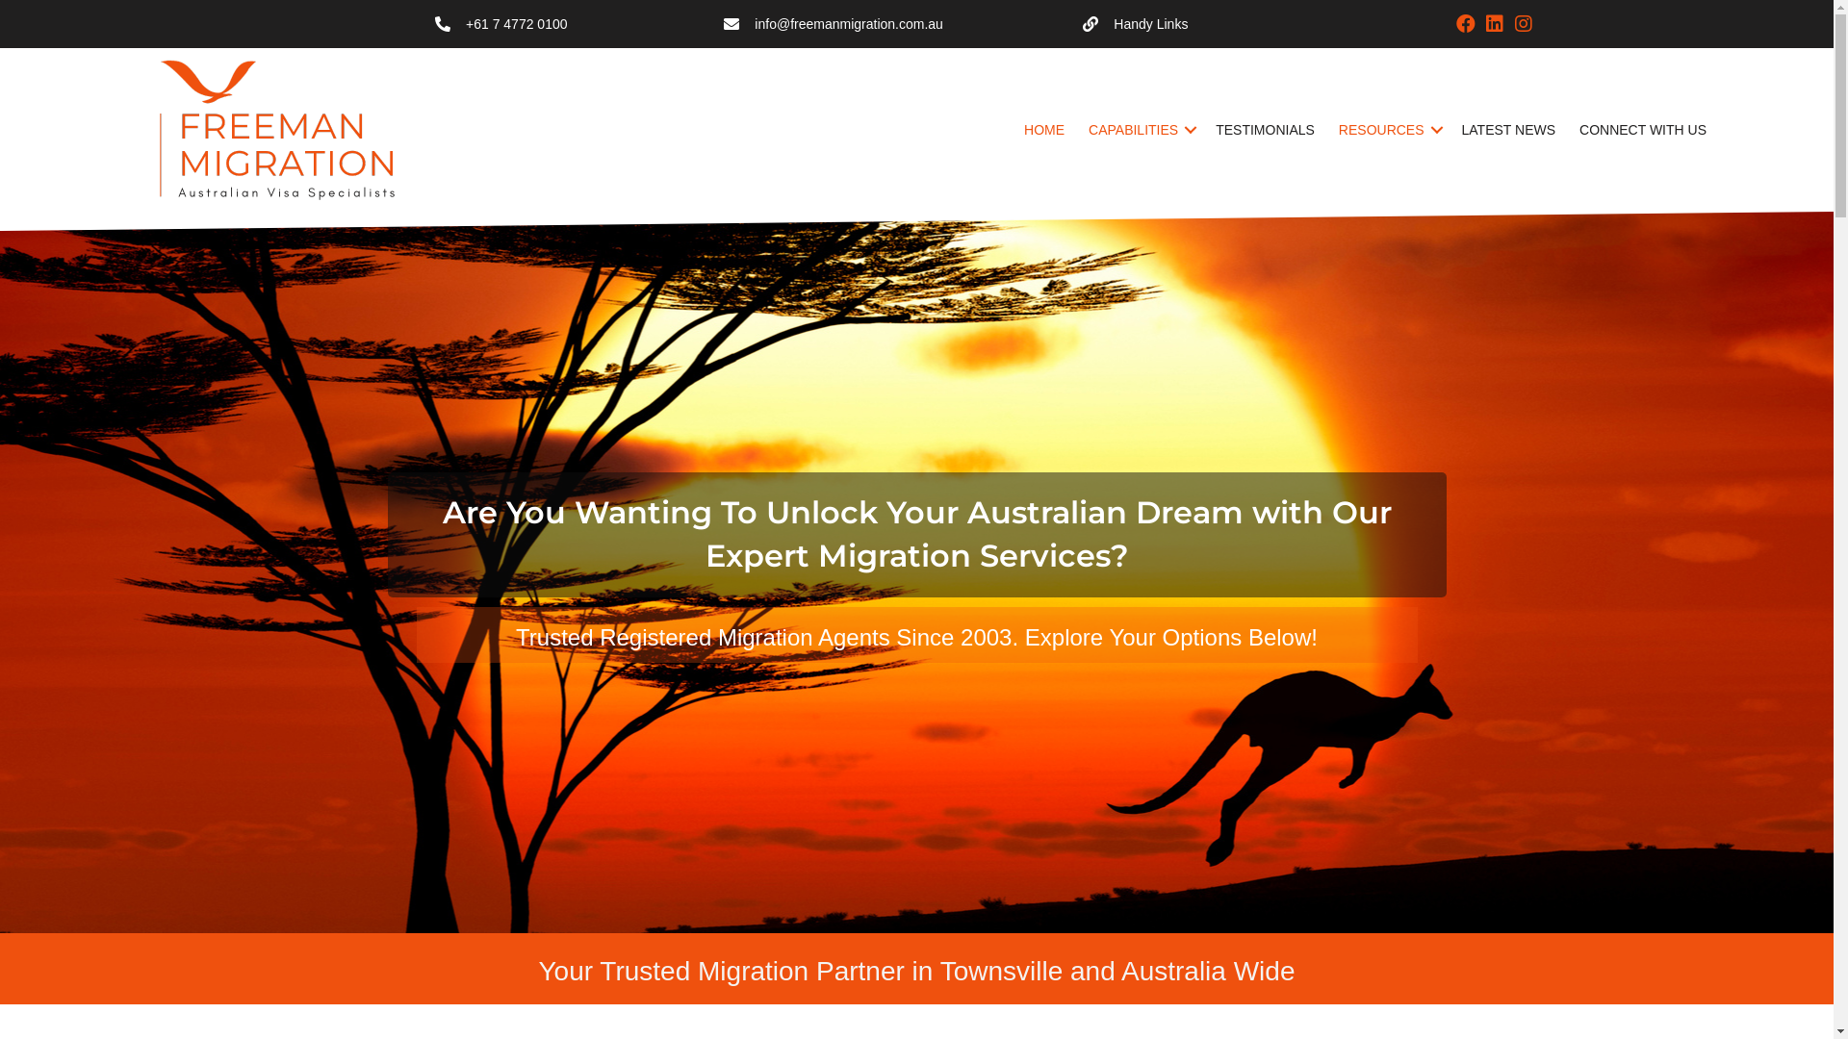  I want to click on 'Handy Links', so click(1082, 23).